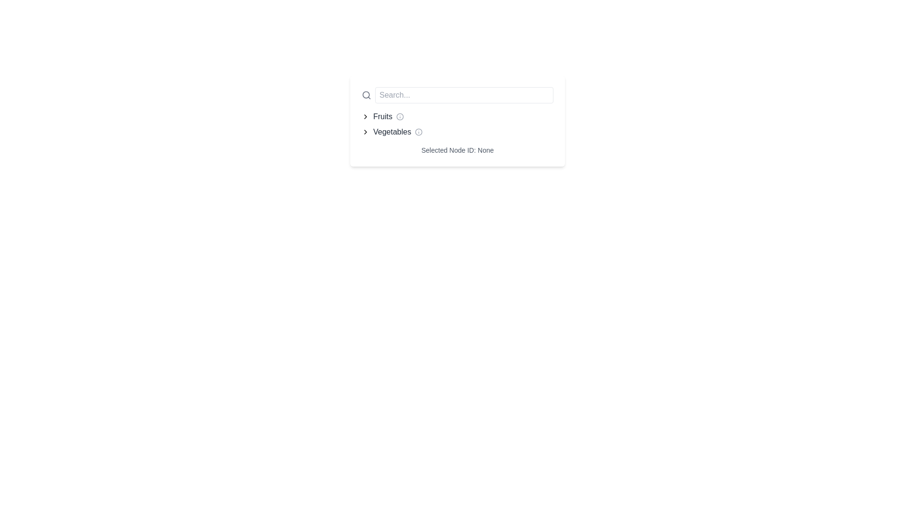 The width and height of the screenshot is (920, 517). I want to click on the chevron icon, so click(365, 132).